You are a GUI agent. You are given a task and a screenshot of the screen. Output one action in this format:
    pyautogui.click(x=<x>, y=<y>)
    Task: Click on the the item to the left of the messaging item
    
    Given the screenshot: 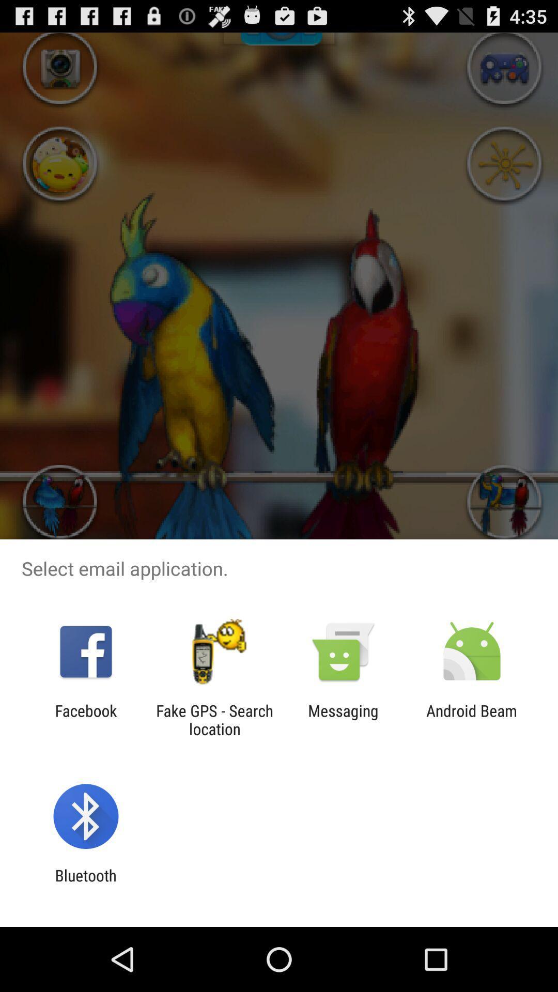 What is the action you would take?
    pyautogui.click(x=214, y=719)
    